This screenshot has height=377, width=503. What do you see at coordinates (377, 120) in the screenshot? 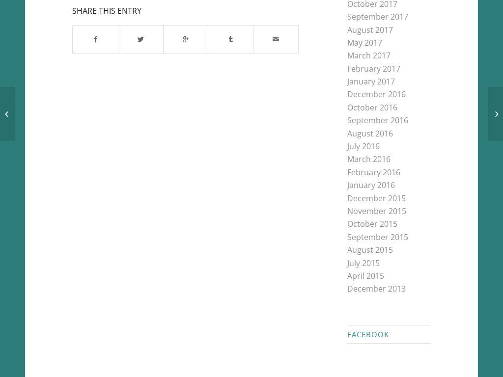
I see `'September 2016'` at bounding box center [377, 120].